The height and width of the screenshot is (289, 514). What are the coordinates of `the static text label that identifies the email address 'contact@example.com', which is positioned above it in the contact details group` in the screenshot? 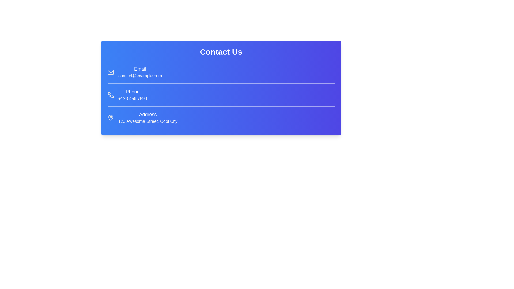 It's located at (140, 69).